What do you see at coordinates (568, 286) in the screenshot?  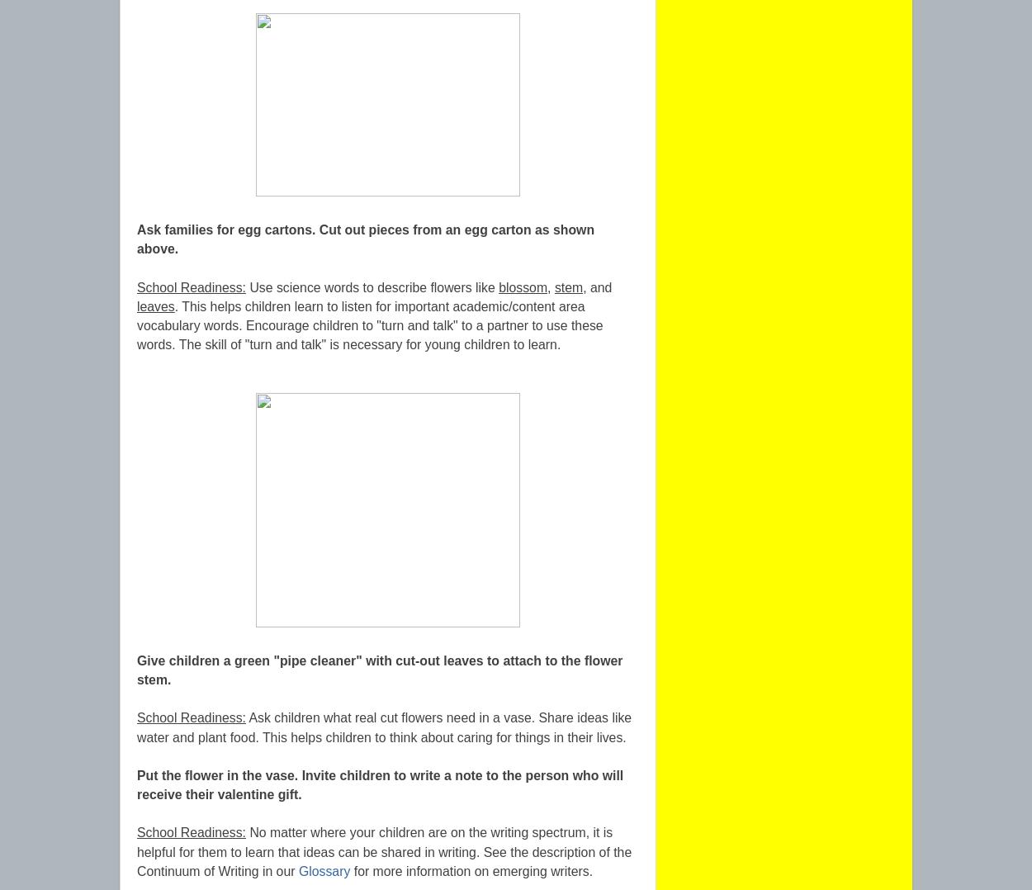 I see `'stem'` at bounding box center [568, 286].